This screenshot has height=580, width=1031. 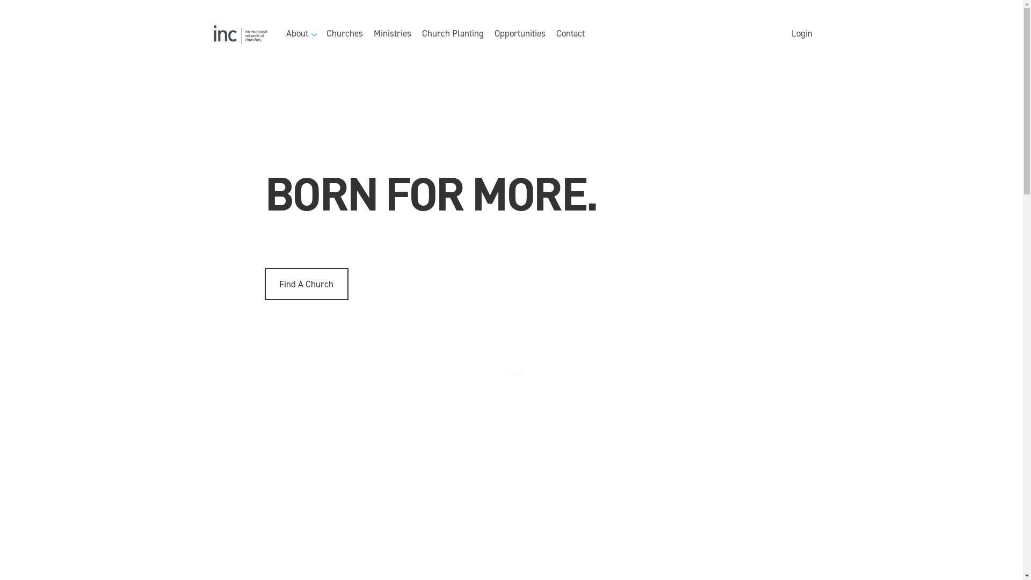 I want to click on ' Login', so click(x=801, y=34).